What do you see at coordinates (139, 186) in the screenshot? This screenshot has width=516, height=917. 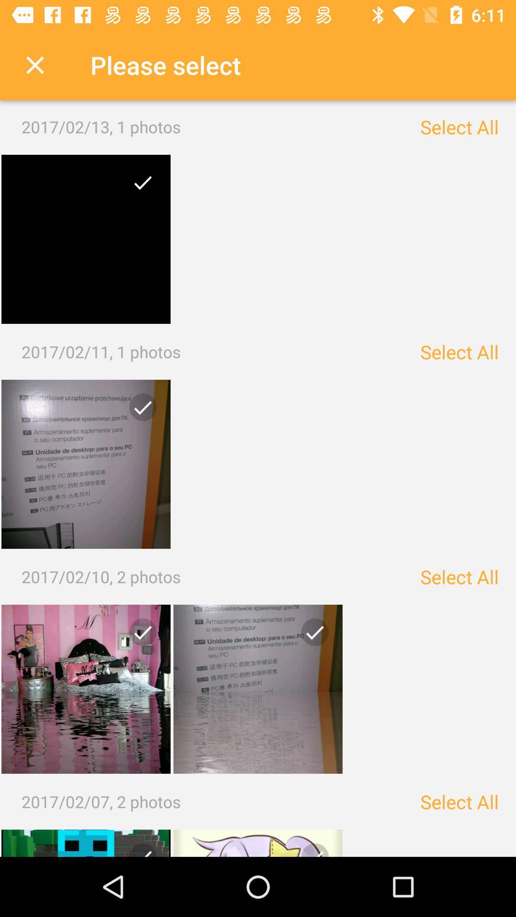 I see `select/ de-select the image` at bounding box center [139, 186].